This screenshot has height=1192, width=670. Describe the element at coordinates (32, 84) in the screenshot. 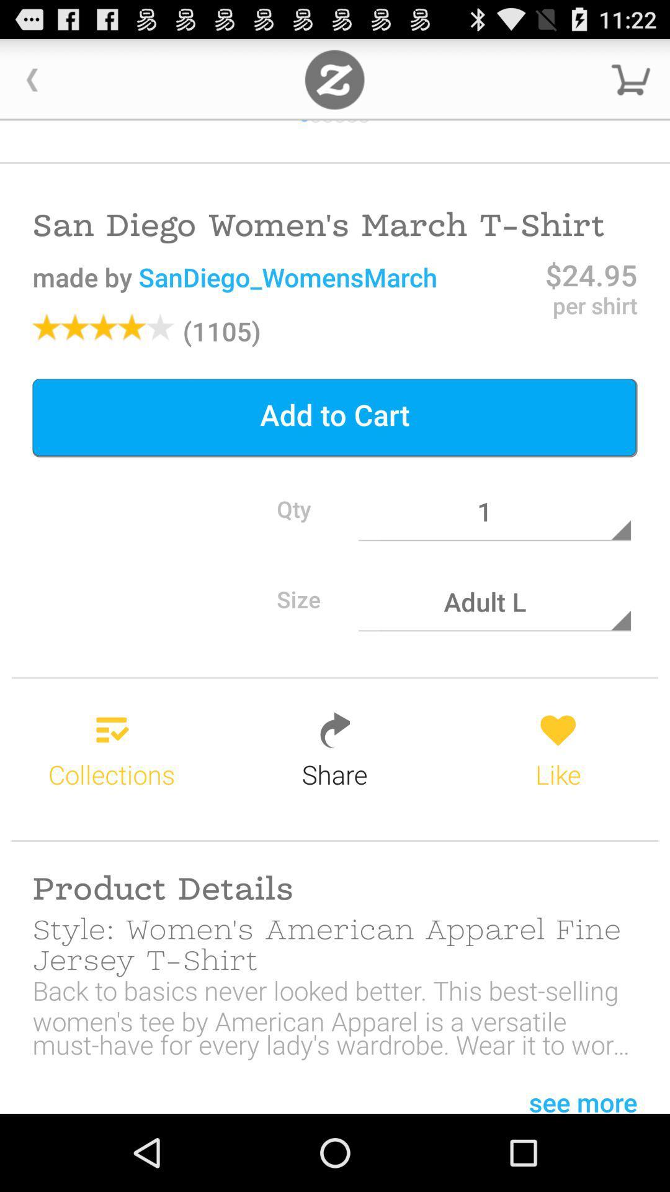

I see `the arrow_backward icon` at that location.